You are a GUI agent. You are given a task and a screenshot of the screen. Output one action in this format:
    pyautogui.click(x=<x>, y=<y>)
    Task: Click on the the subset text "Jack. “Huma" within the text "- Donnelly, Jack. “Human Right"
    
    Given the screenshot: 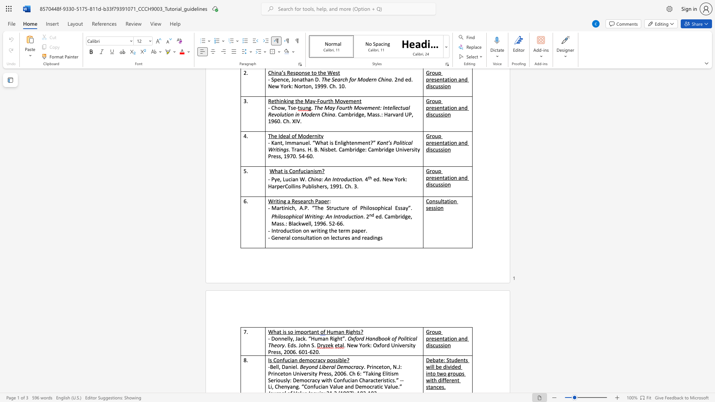 What is the action you would take?
    pyautogui.click(x=295, y=338)
    